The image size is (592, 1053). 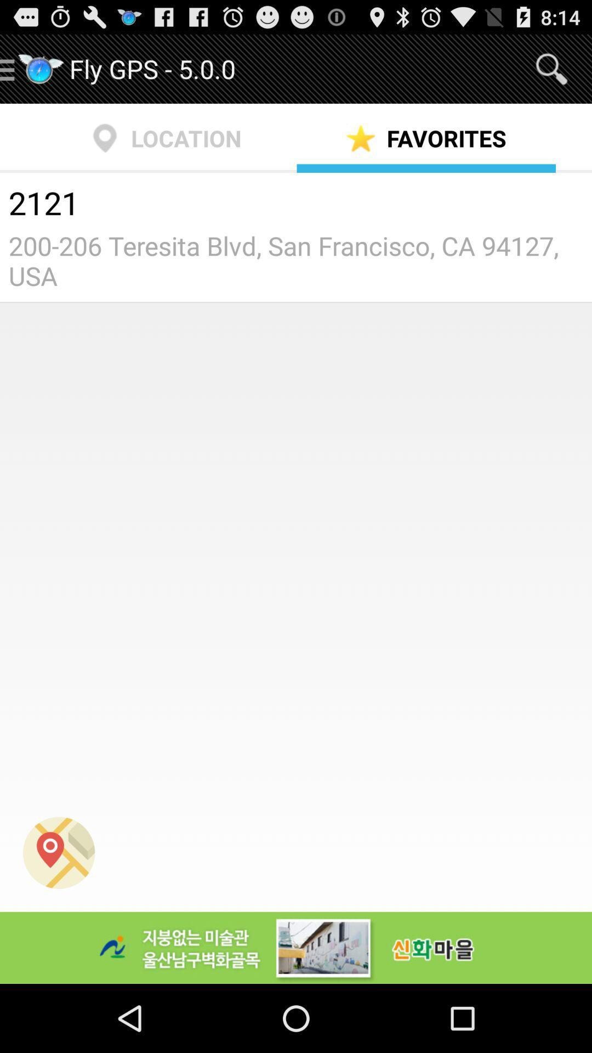 What do you see at coordinates (296, 947) in the screenshot?
I see `icon at the bottom` at bounding box center [296, 947].